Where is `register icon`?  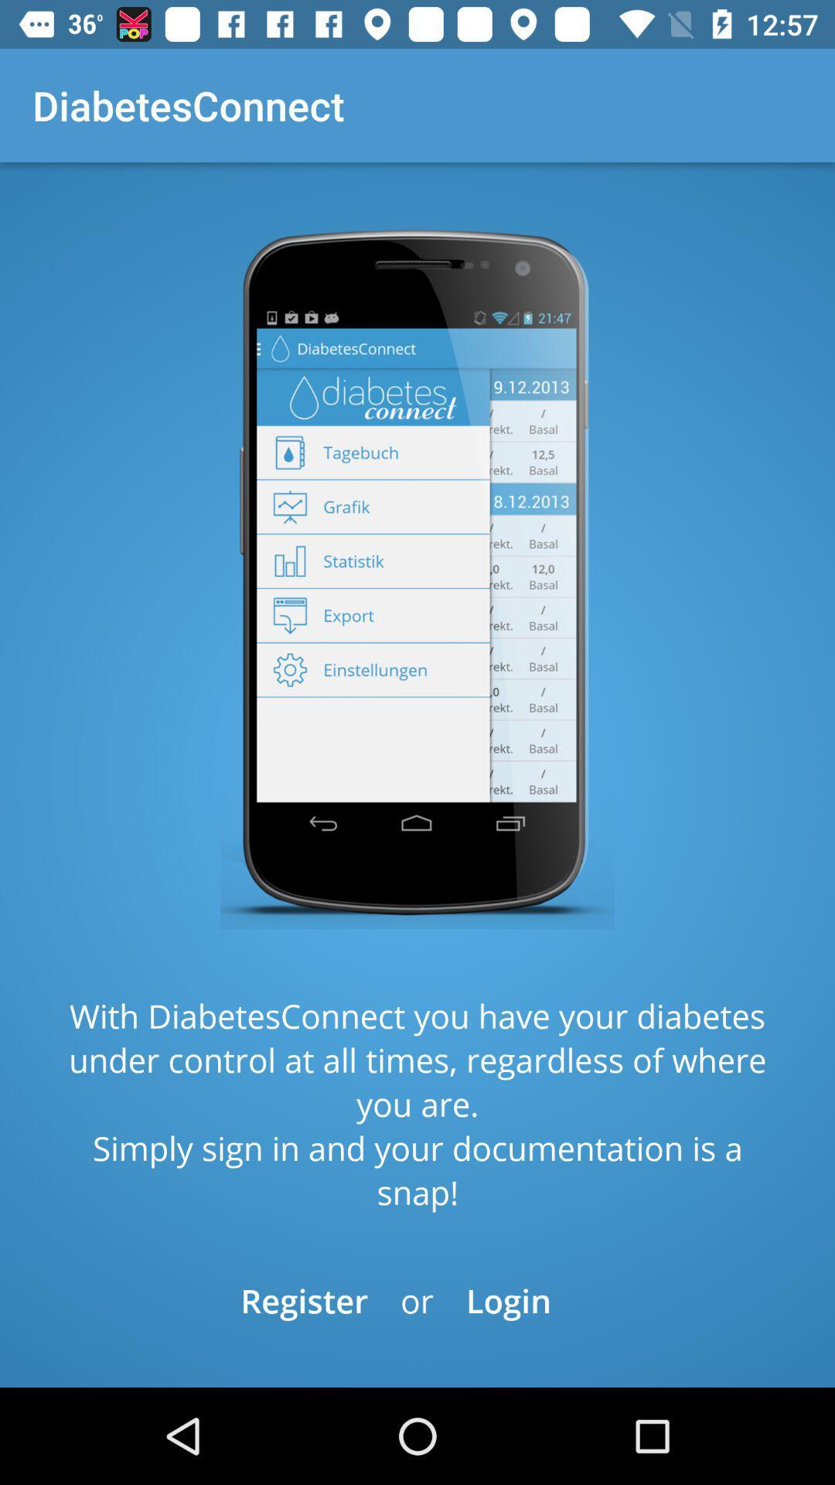
register icon is located at coordinates (304, 1299).